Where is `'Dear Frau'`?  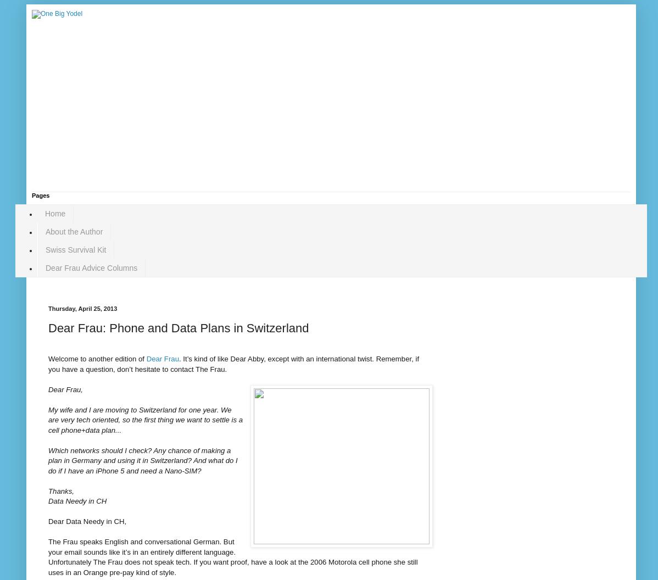 'Dear Frau' is located at coordinates (163, 358).